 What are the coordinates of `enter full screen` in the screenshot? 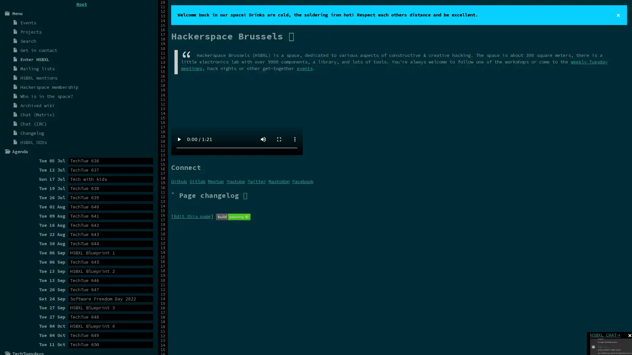 It's located at (279, 139).